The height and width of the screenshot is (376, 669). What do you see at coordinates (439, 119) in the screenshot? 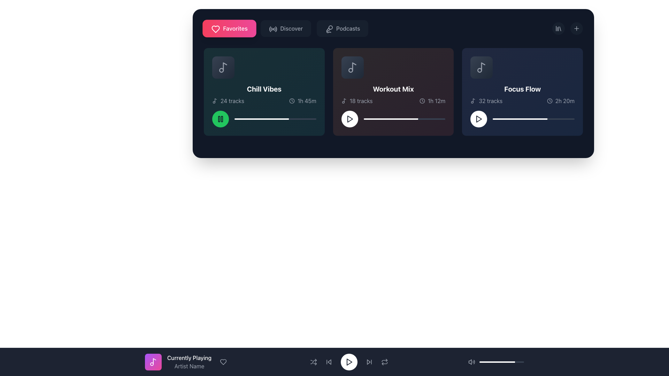
I see `the slider` at bounding box center [439, 119].